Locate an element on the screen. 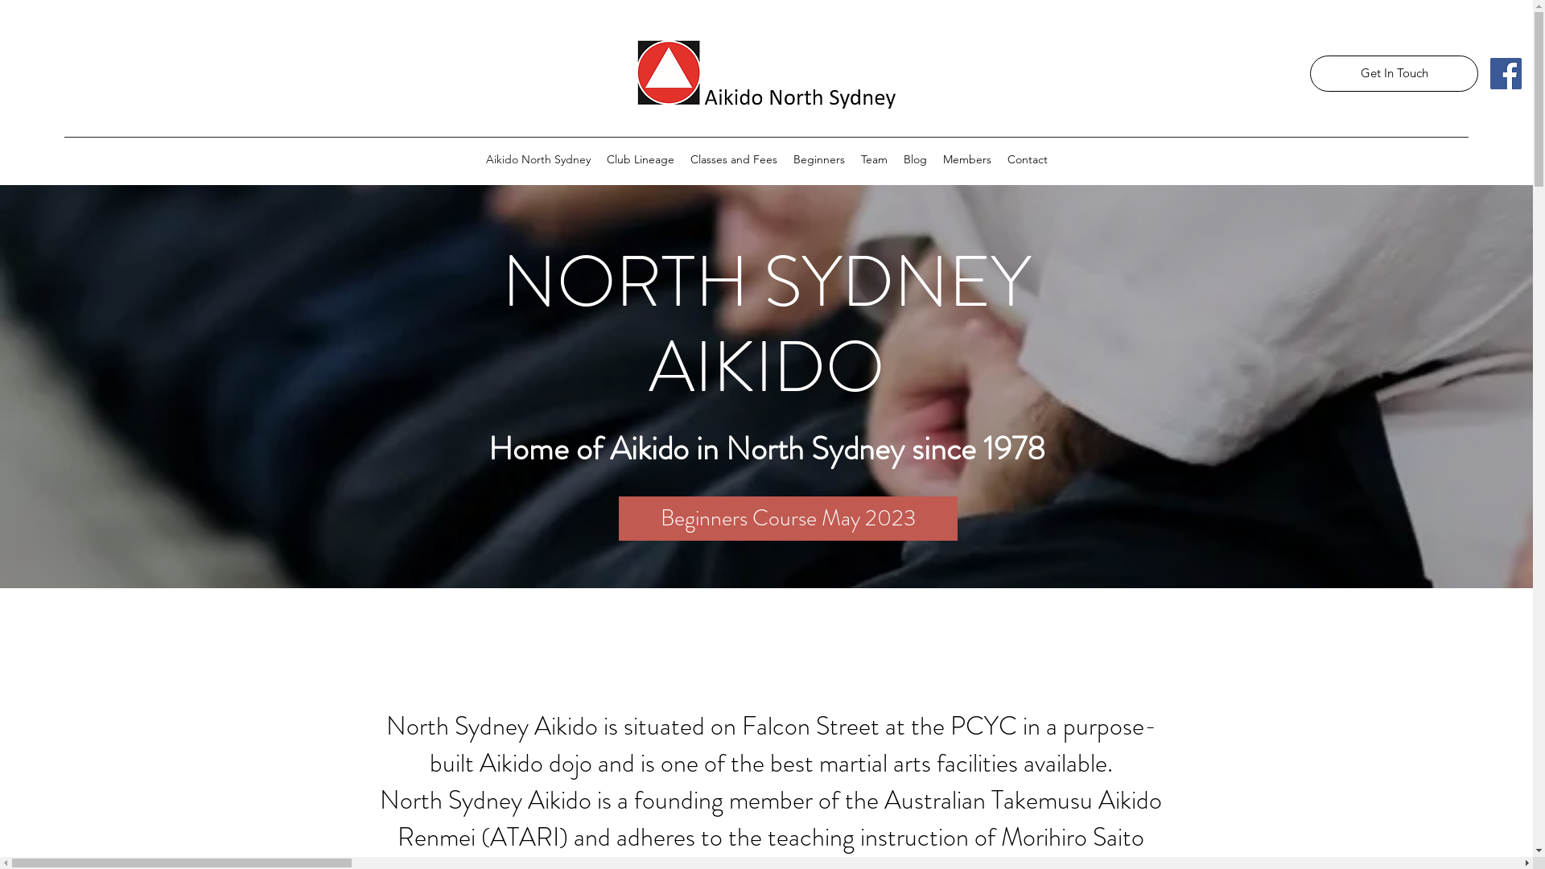 This screenshot has width=1545, height=869. 'Club Lineage' is located at coordinates (640, 159).